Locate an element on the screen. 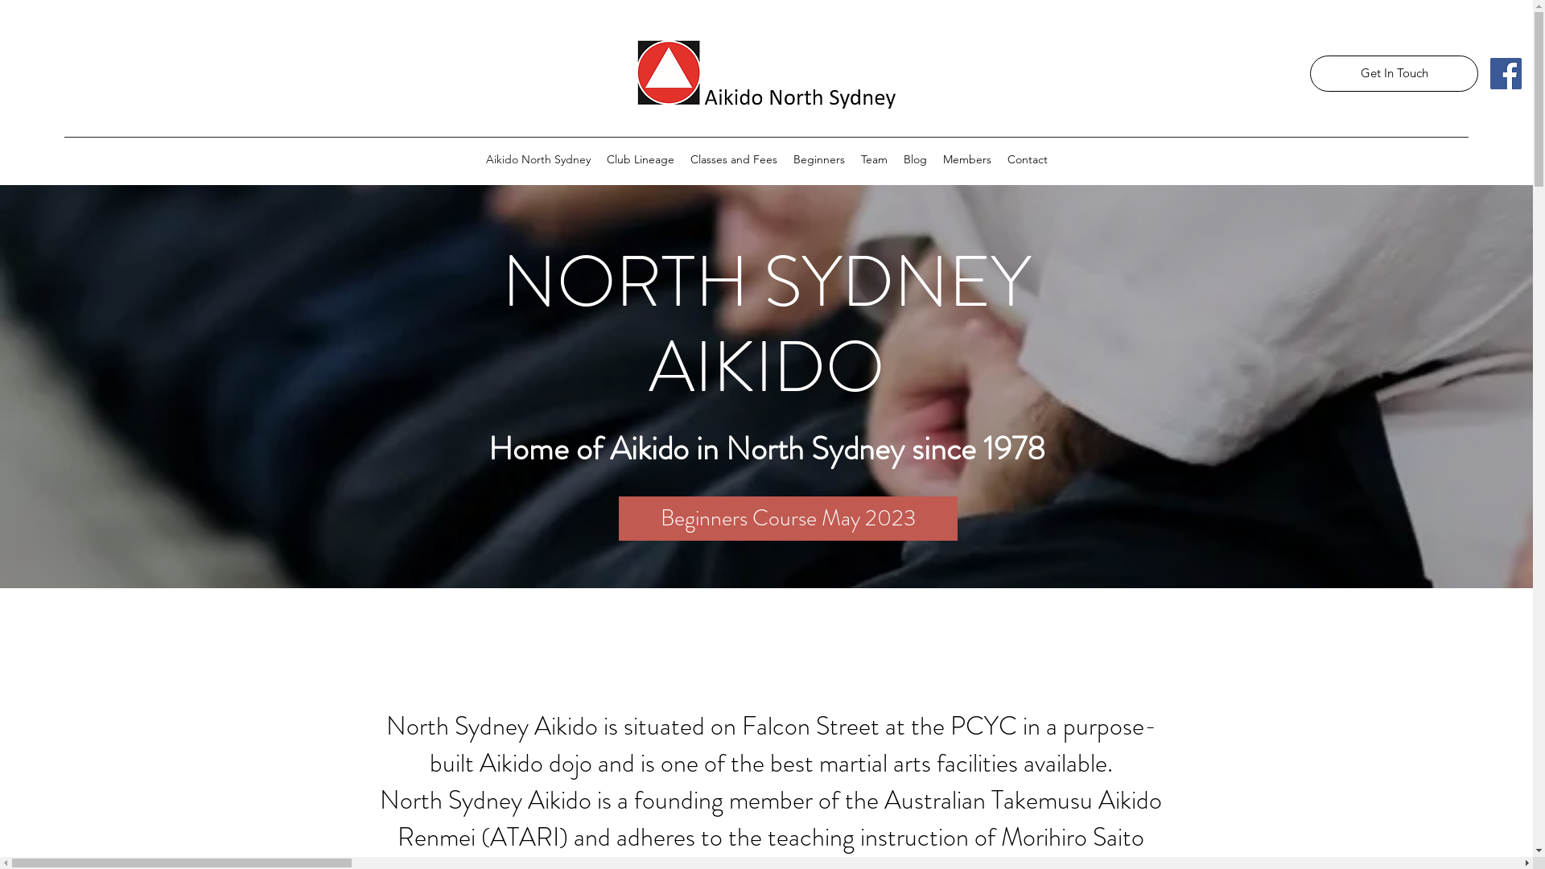 This screenshot has width=1545, height=869. 'Club Lineage' is located at coordinates (640, 159).